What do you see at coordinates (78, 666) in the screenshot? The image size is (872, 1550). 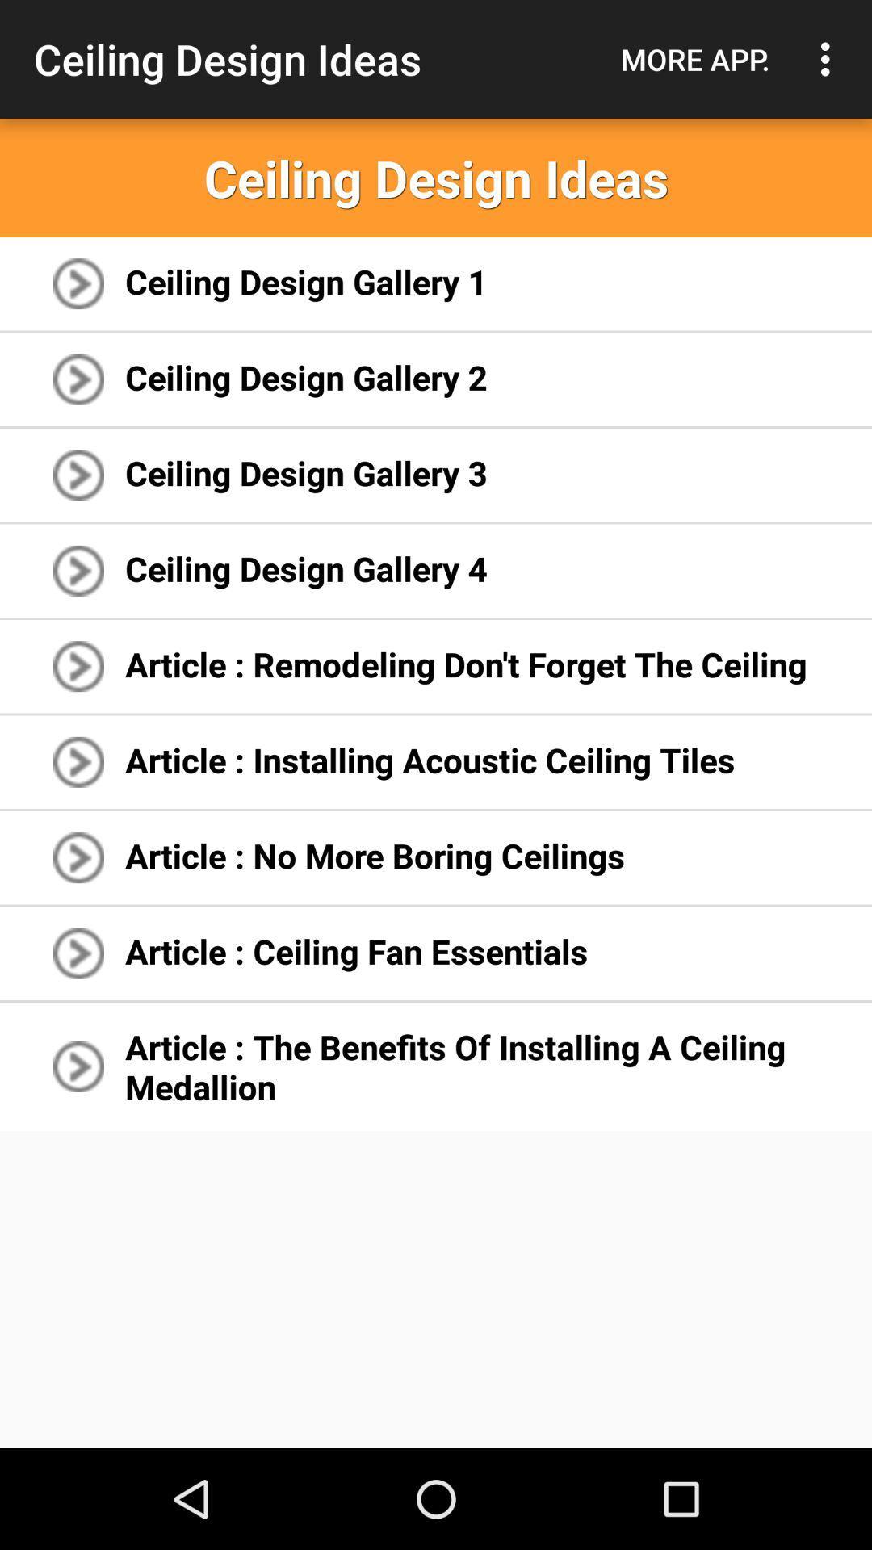 I see `fifth right arrow icon from top` at bounding box center [78, 666].